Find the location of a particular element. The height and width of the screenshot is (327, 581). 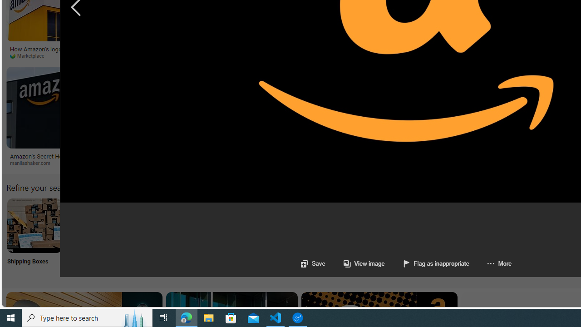

'protothema.gr' is located at coordinates (327, 162).